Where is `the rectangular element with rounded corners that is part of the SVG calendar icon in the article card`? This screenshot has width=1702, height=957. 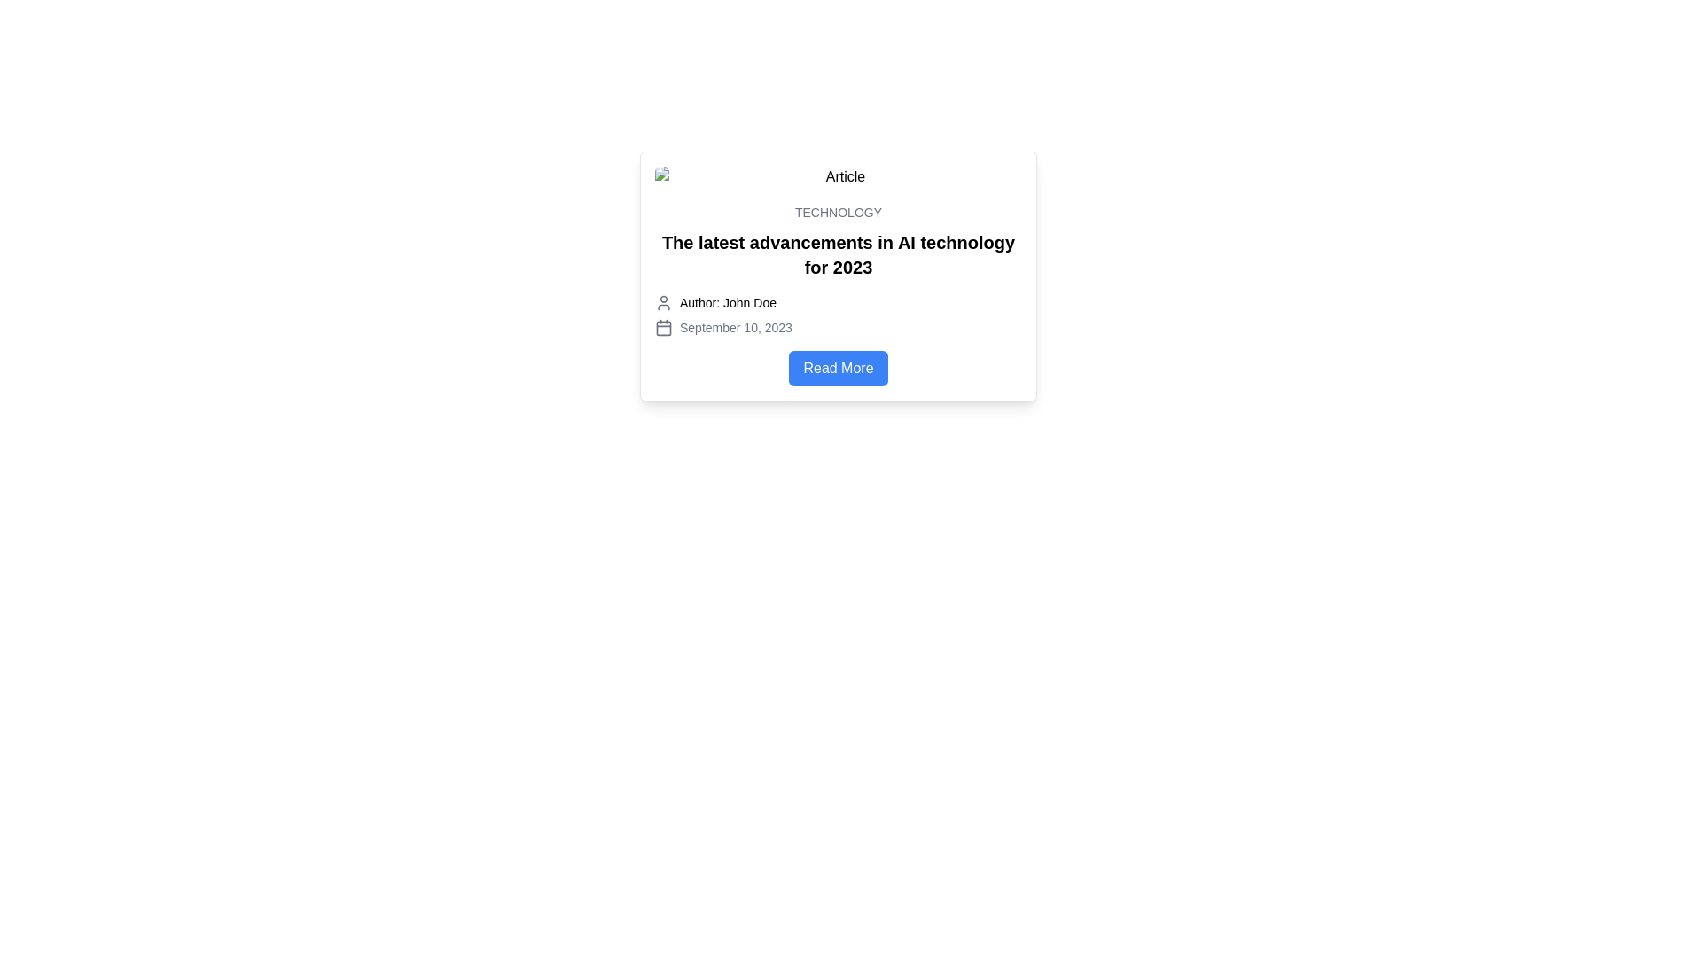
the rectangular element with rounded corners that is part of the SVG calendar icon in the article card is located at coordinates (662, 328).